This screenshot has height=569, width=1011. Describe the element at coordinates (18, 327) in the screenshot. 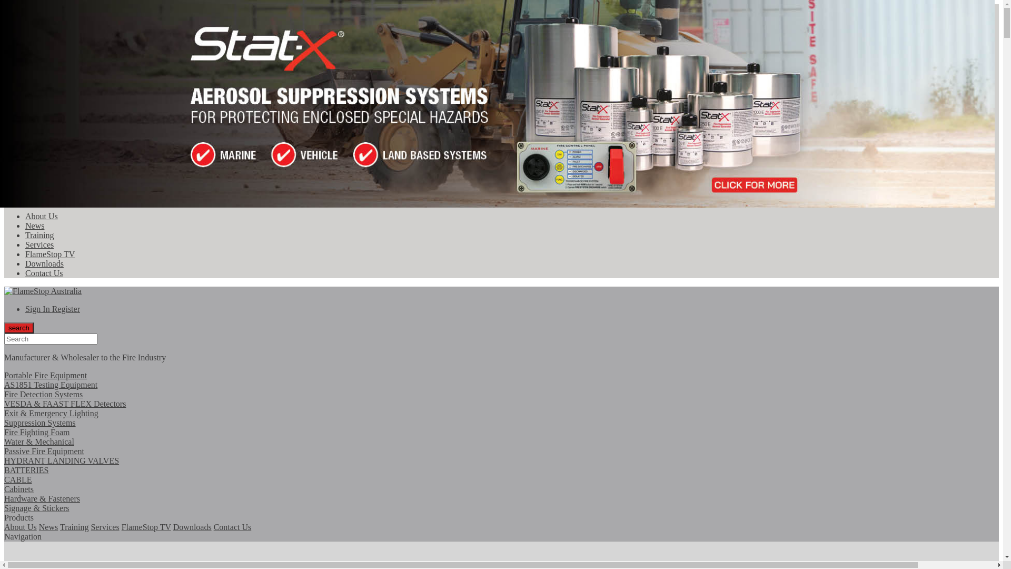

I see `'search'` at that location.